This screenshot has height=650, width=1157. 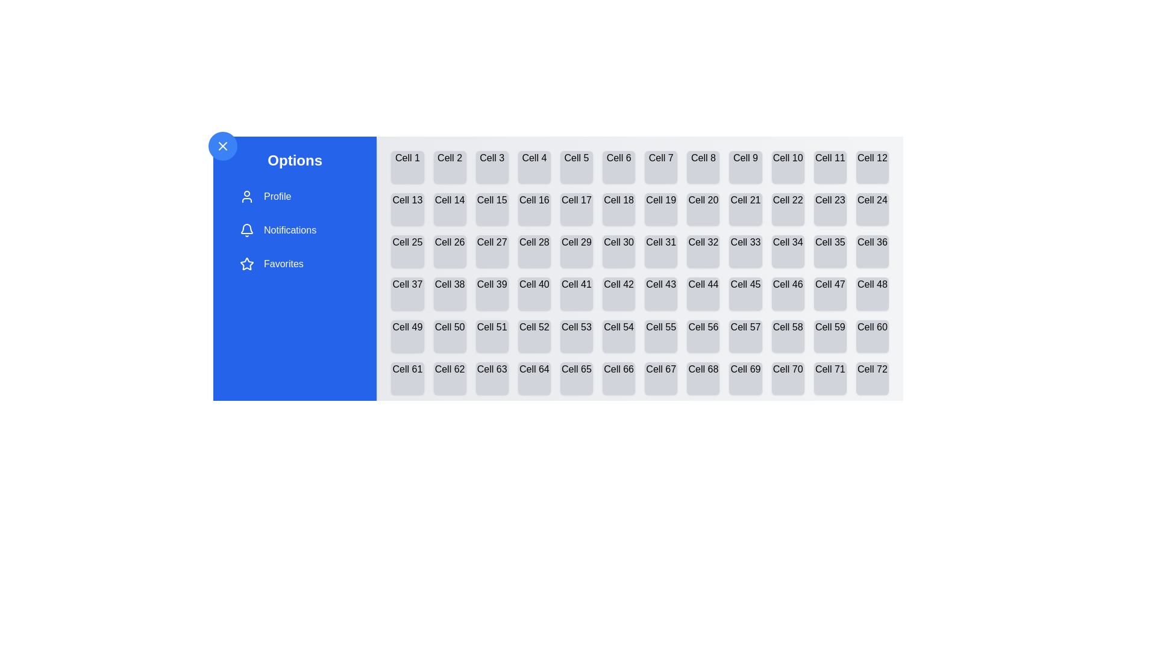 I want to click on the drawer item labeled Favorites to observe the visual change, so click(x=295, y=264).